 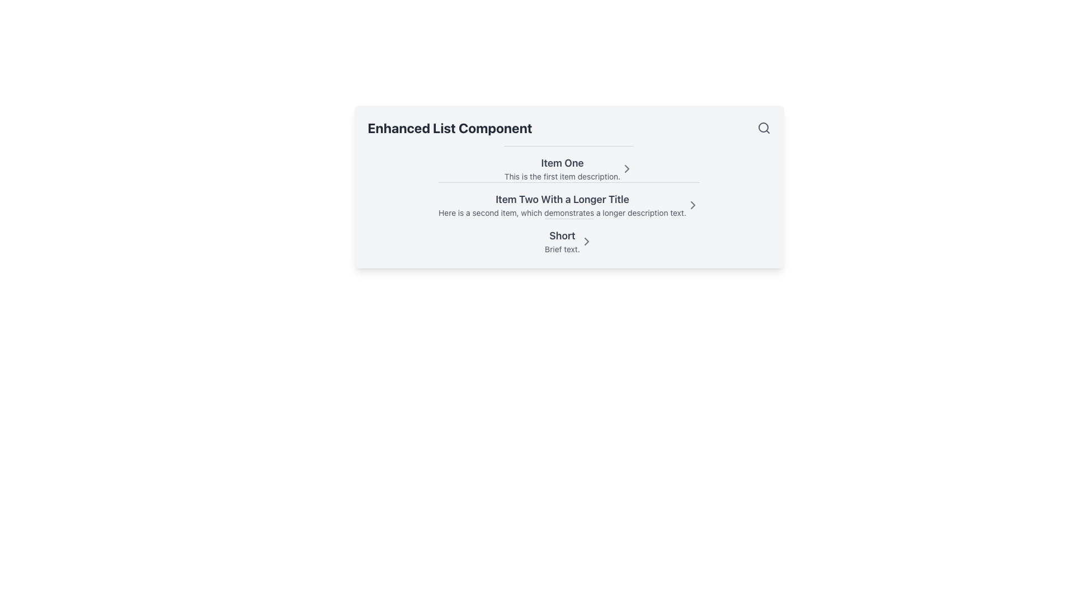 I want to click on the chevron icon located to the right of the 'Item One' text in the list component, which serves as a forward navigation indicator, so click(x=627, y=168).